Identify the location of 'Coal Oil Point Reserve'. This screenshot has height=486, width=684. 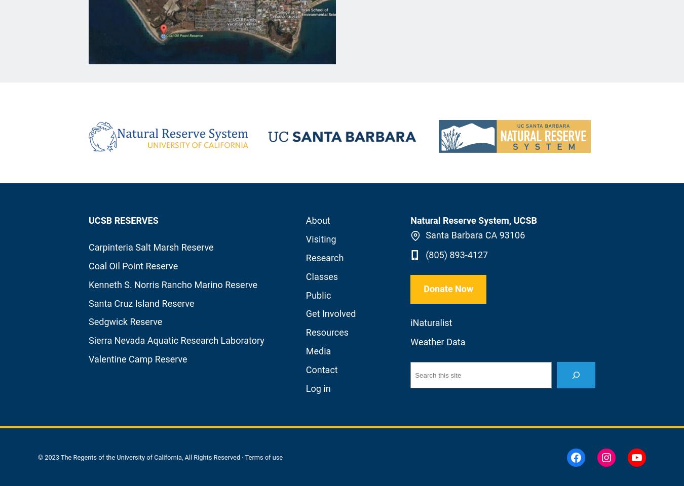
(132, 265).